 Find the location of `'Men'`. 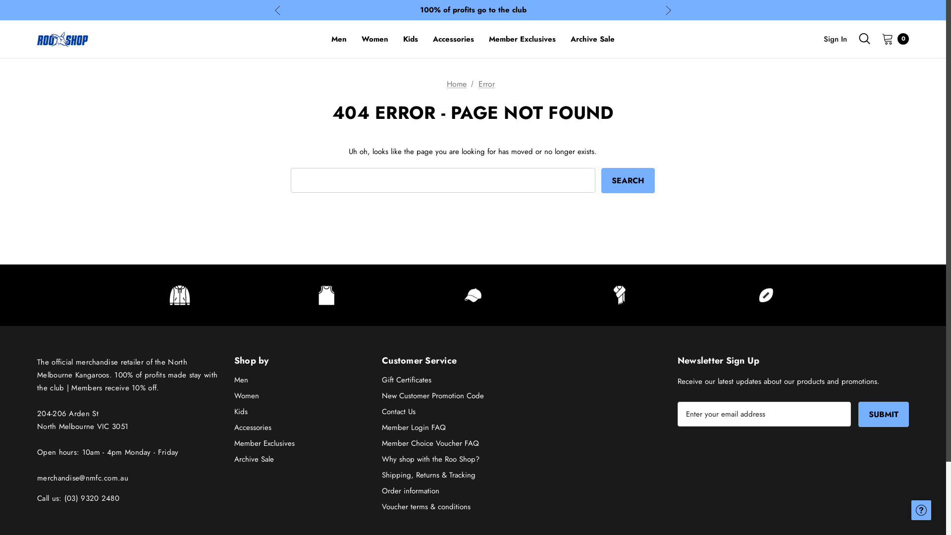

'Men' is located at coordinates (339, 38).